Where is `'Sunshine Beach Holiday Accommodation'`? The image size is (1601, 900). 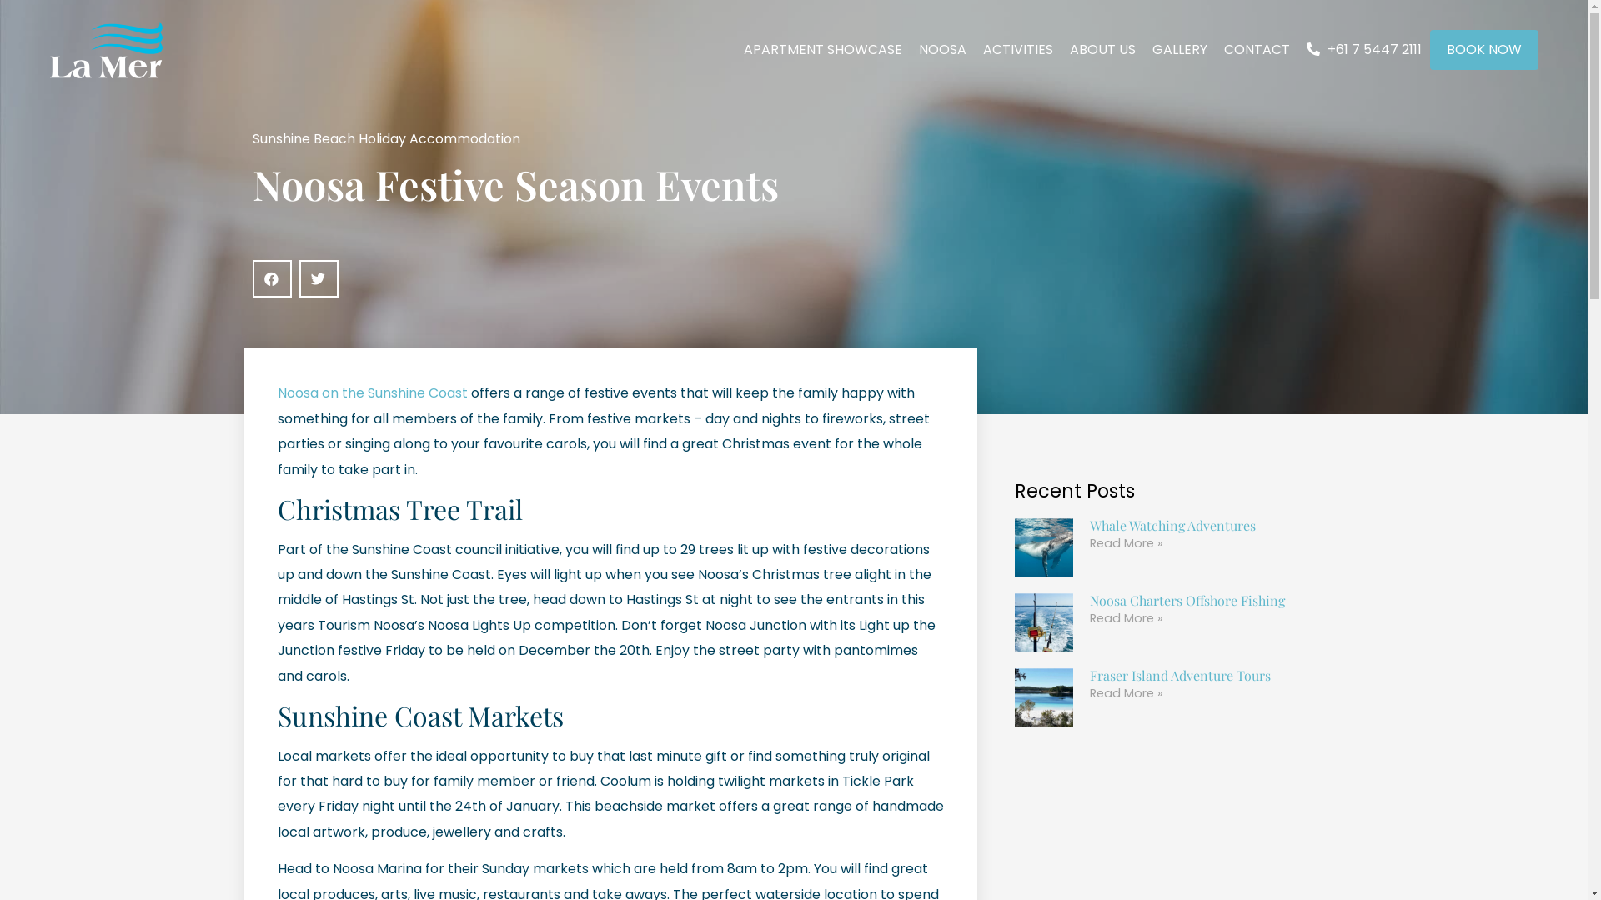
'Sunshine Beach Holiday Accommodation' is located at coordinates (384, 137).